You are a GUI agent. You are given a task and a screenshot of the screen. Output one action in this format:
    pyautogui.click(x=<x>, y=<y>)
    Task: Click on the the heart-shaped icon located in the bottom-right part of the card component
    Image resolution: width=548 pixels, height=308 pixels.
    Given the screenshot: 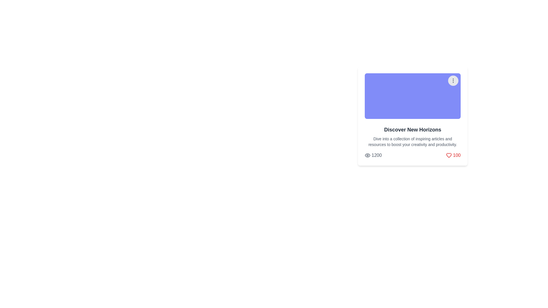 What is the action you would take?
    pyautogui.click(x=449, y=155)
    